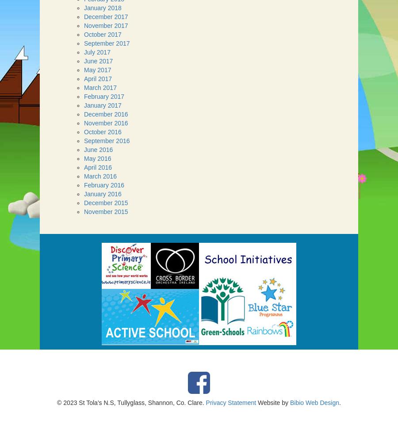 This screenshot has height=428, width=398. Describe the element at coordinates (84, 158) in the screenshot. I see `'May 2016'` at that location.